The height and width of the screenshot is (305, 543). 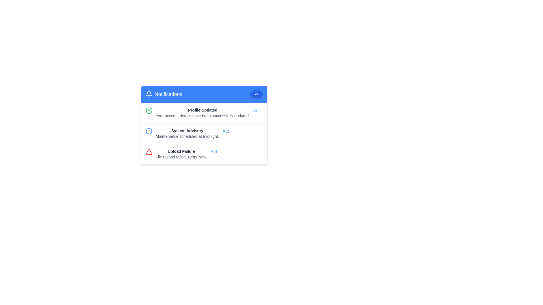 What do you see at coordinates (204, 134) in the screenshot?
I see `notification titled 'System Advisory' which contains a blue information icon and the subtitle 'Maintenance scheduled at midnight.'` at bounding box center [204, 134].